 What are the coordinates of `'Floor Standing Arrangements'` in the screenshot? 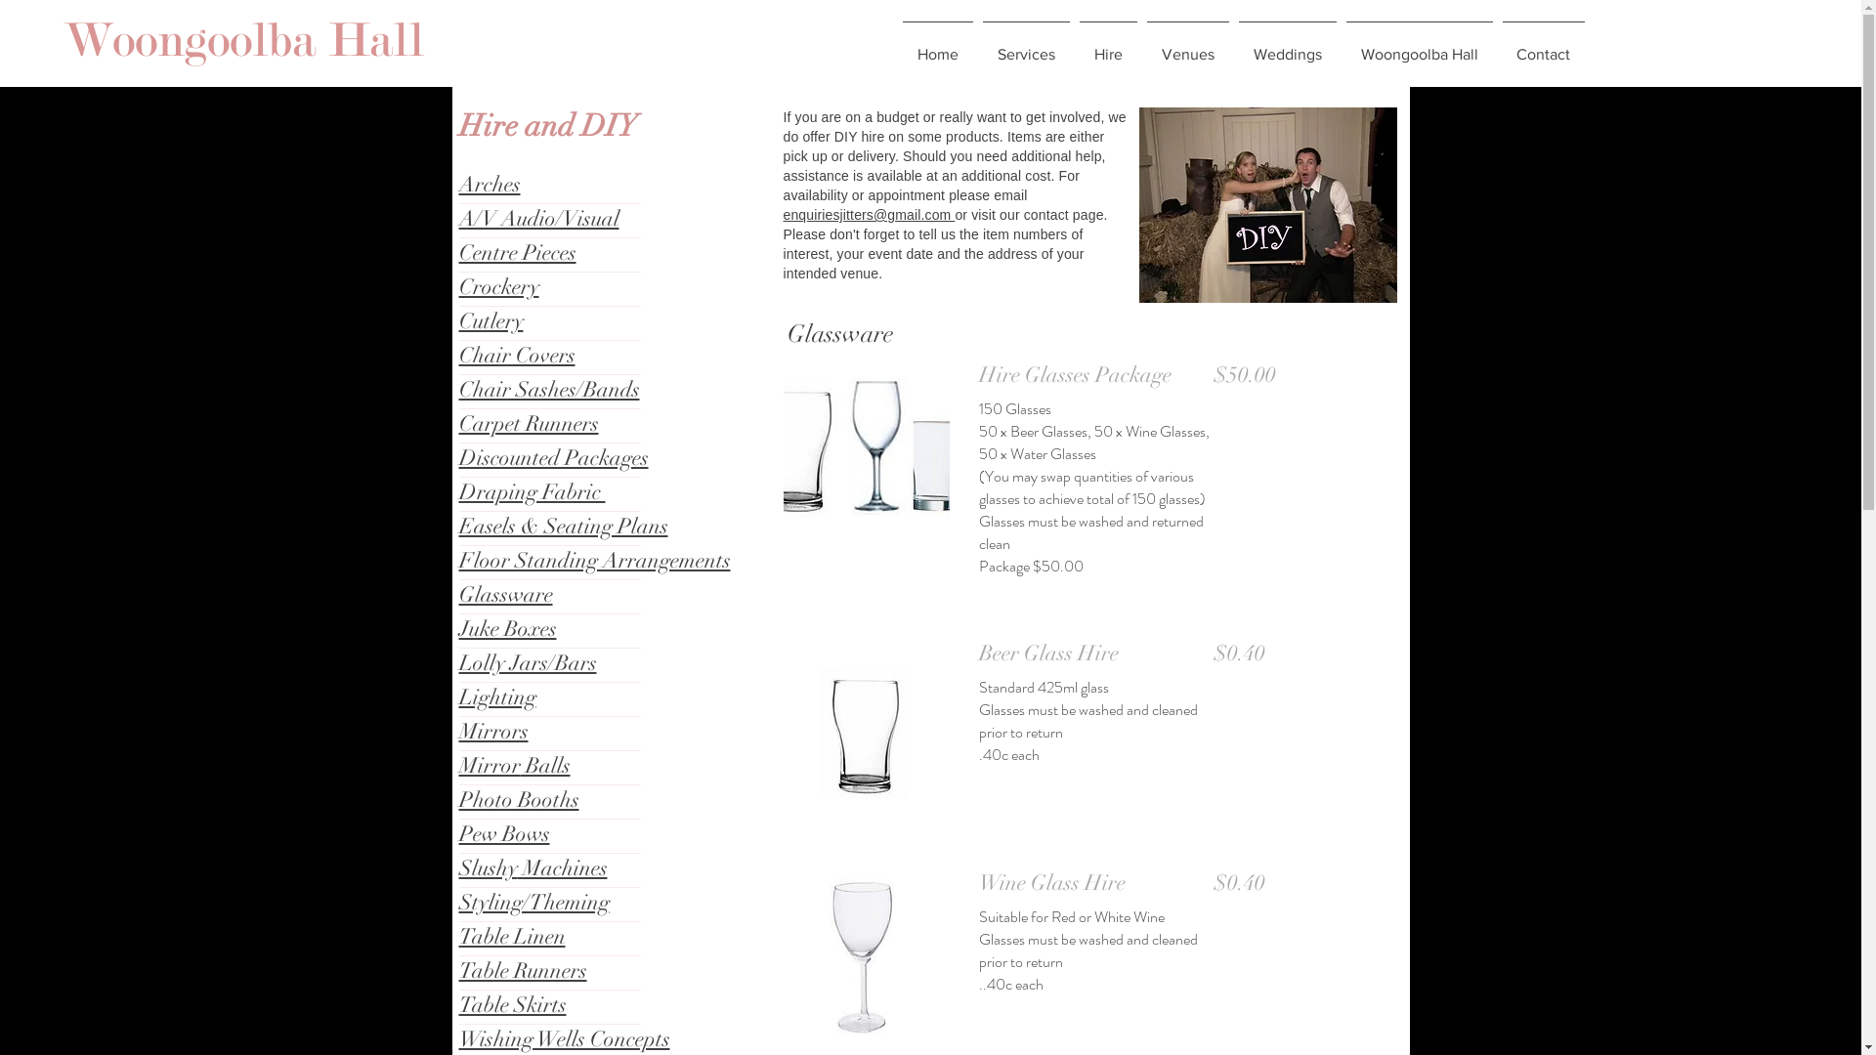 It's located at (594, 560).